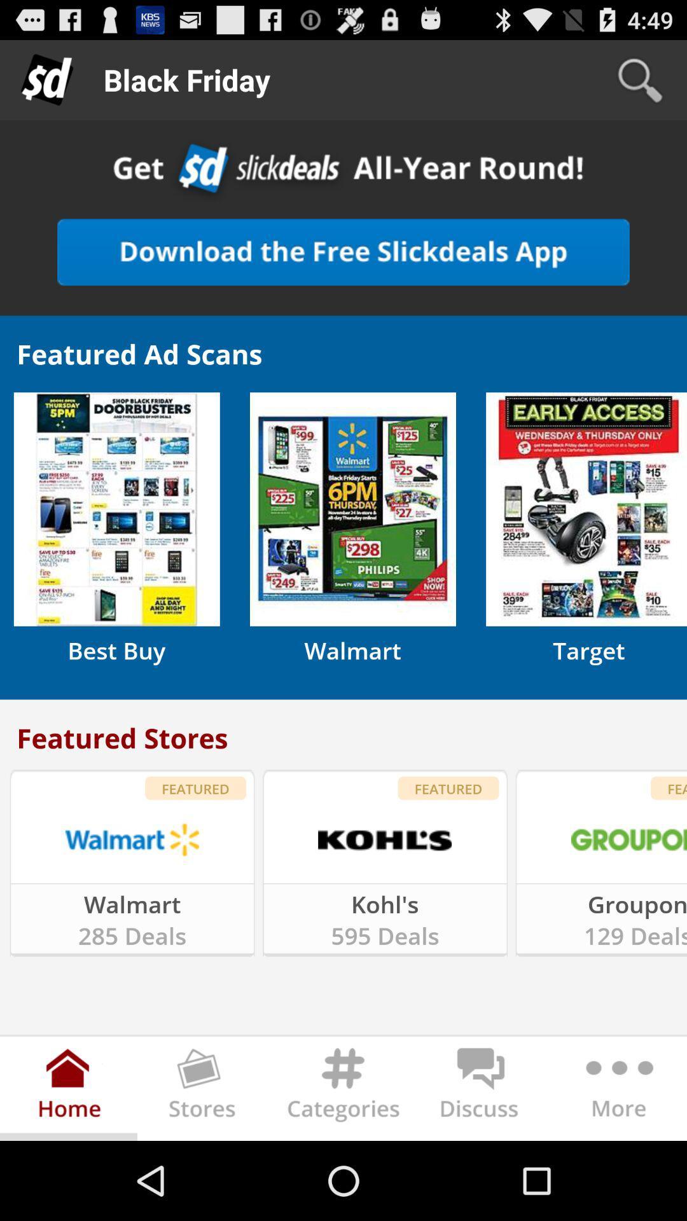 This screenshot has width=687, height=1221. I want to click on more at the bottom of the page, so click(617, 1090).